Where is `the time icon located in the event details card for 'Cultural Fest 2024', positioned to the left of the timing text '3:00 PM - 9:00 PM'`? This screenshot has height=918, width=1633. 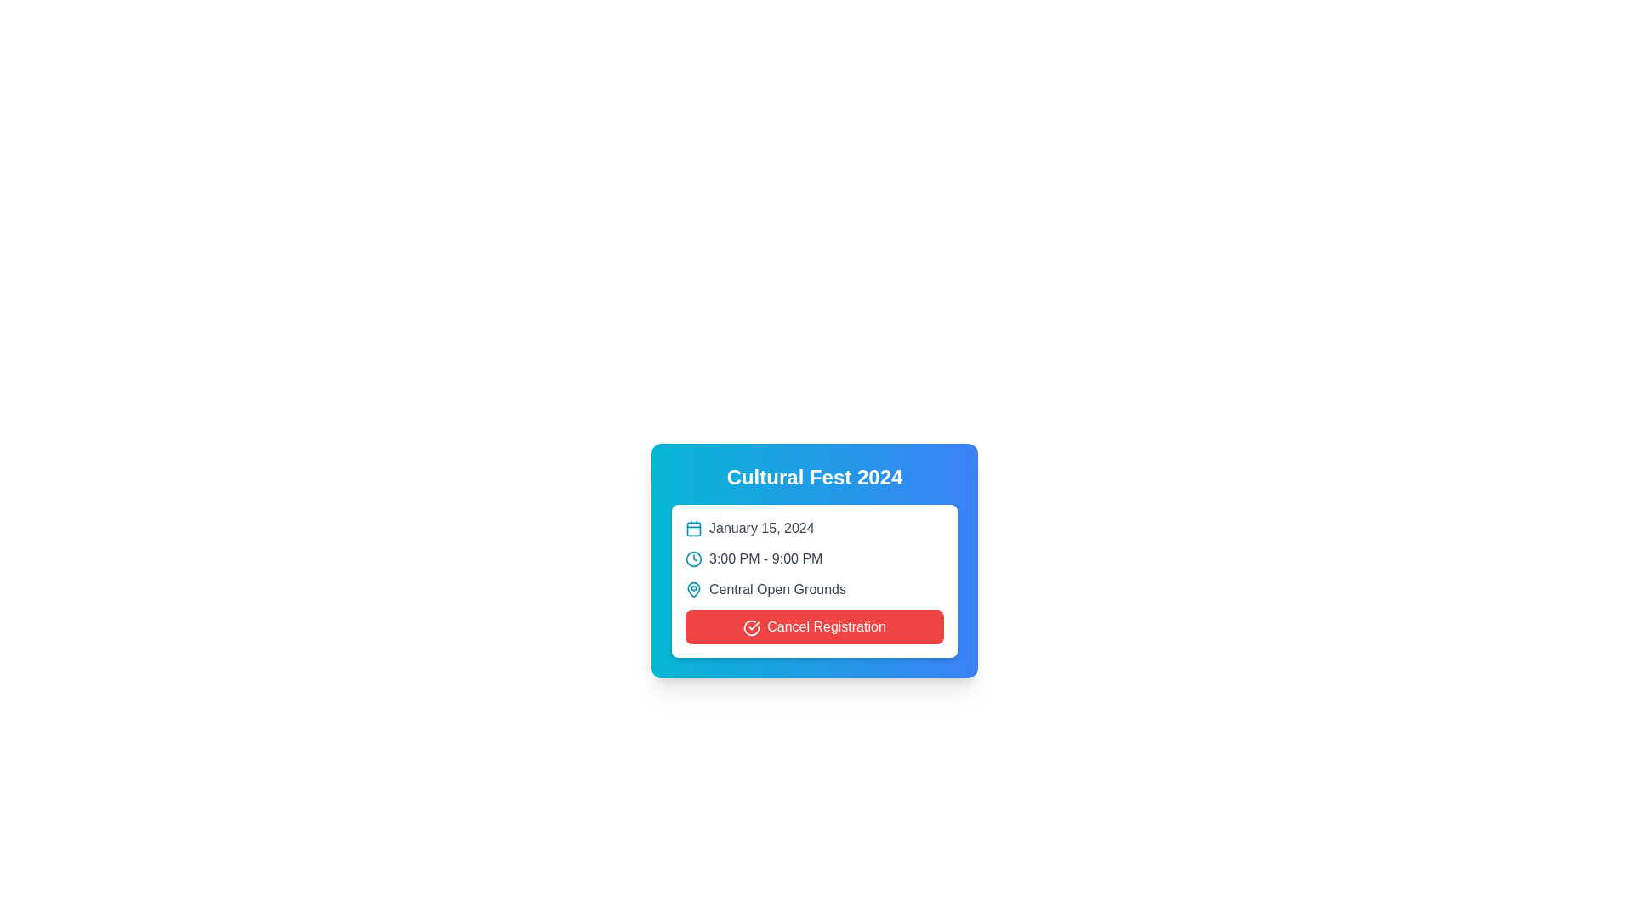
the time icon located in the event details card for 'Cultural Fest 2024', positioned to the left of the timing text '3:00 PM - 9:00 PM' is located at coordinates (694, 559).